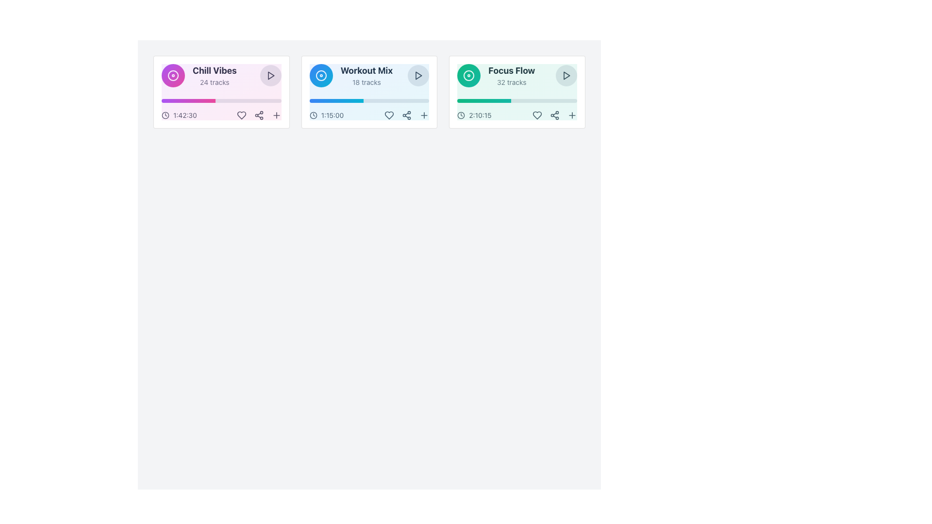 The height and width of the screenshot is (524, 932). I want to click on the animated circular disc-shaped icon with a central dot, styled with a spinning animation effect, located in the second card labeled 'Workout Mix', so click(321, 75).